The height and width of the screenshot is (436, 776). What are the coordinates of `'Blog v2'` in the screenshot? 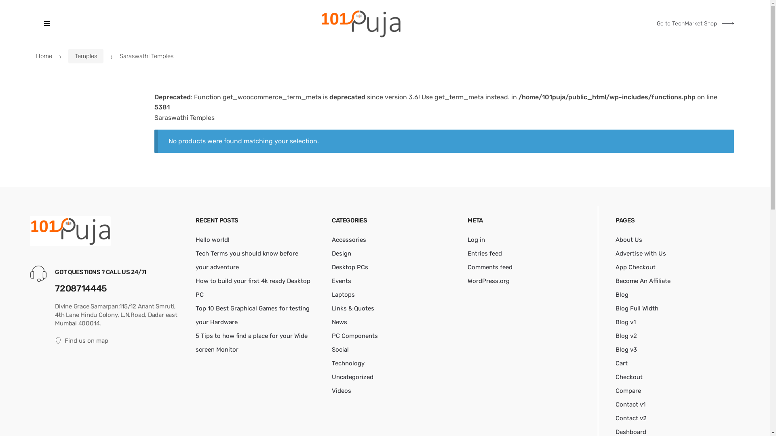 It's located at (626, 336).